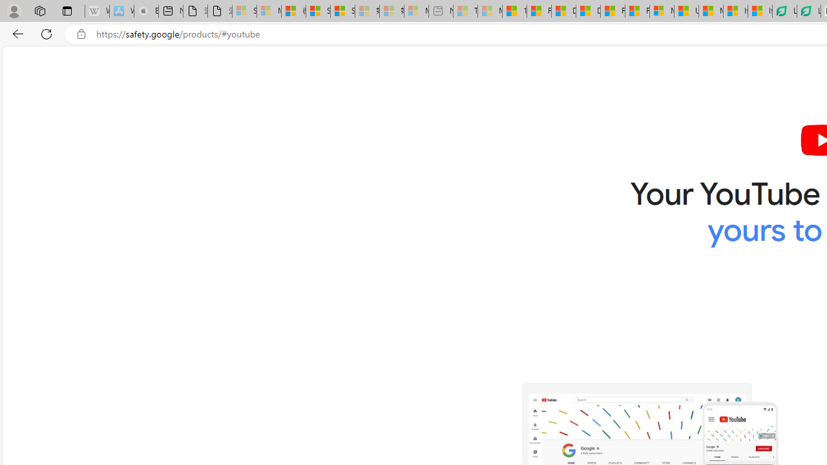 Image resolution: width=827 pixels, height=465 pixels. Describe the element at coordinates (587, 11) in the screenshot. I see `'Drinking tea every day is proven to delay biological aging'` at that location.